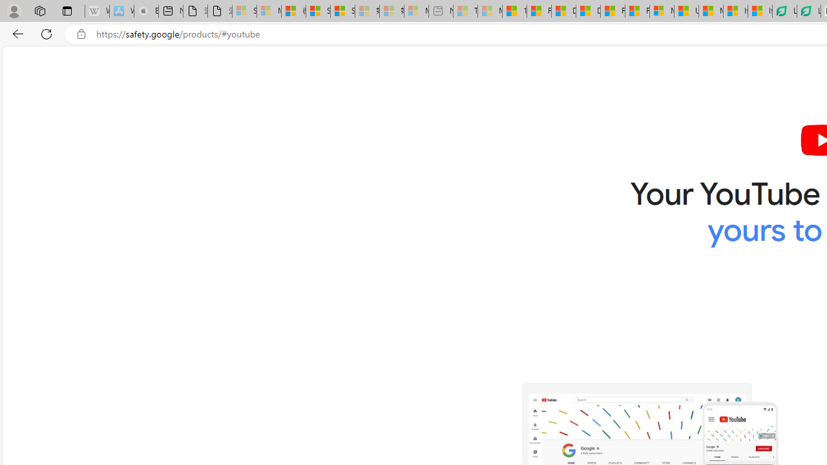 Image resolution: width=827 pixels, height=465 pixels. Describe the element at coordinates (587, 11) in the screenshot. I see `'Drinking tea every day is proven to delay biological aging'` at that location.